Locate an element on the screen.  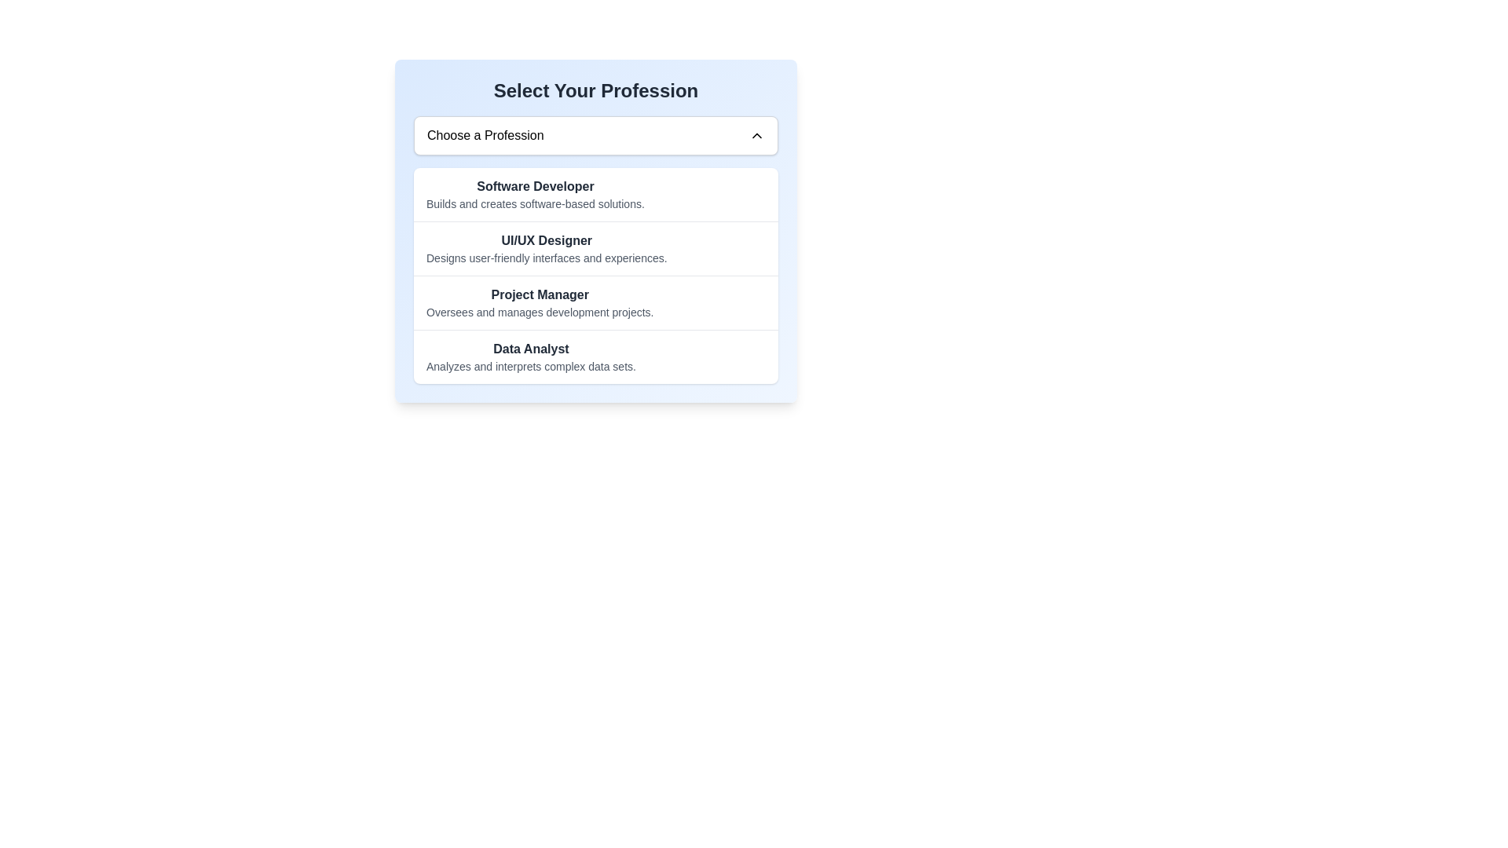
the 'Project Manager' option in the selection dialog titled 'Select Your Profession' is located at coordinates (540, 302).